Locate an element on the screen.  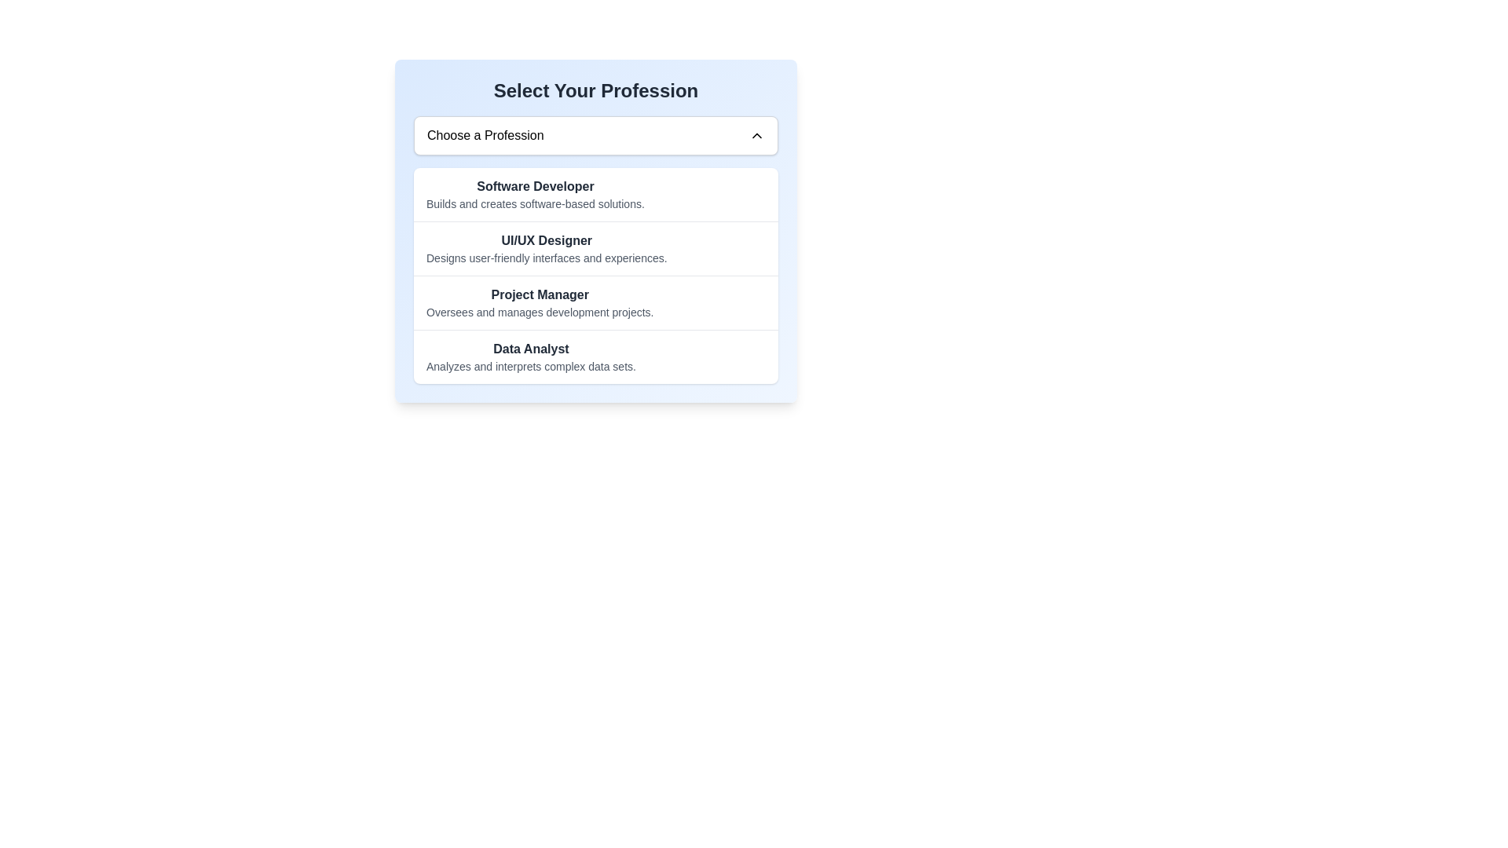
the 'Project Manager' option in the selection dialog titled 'Select Your Profession' is located at coordinates (540, 302).